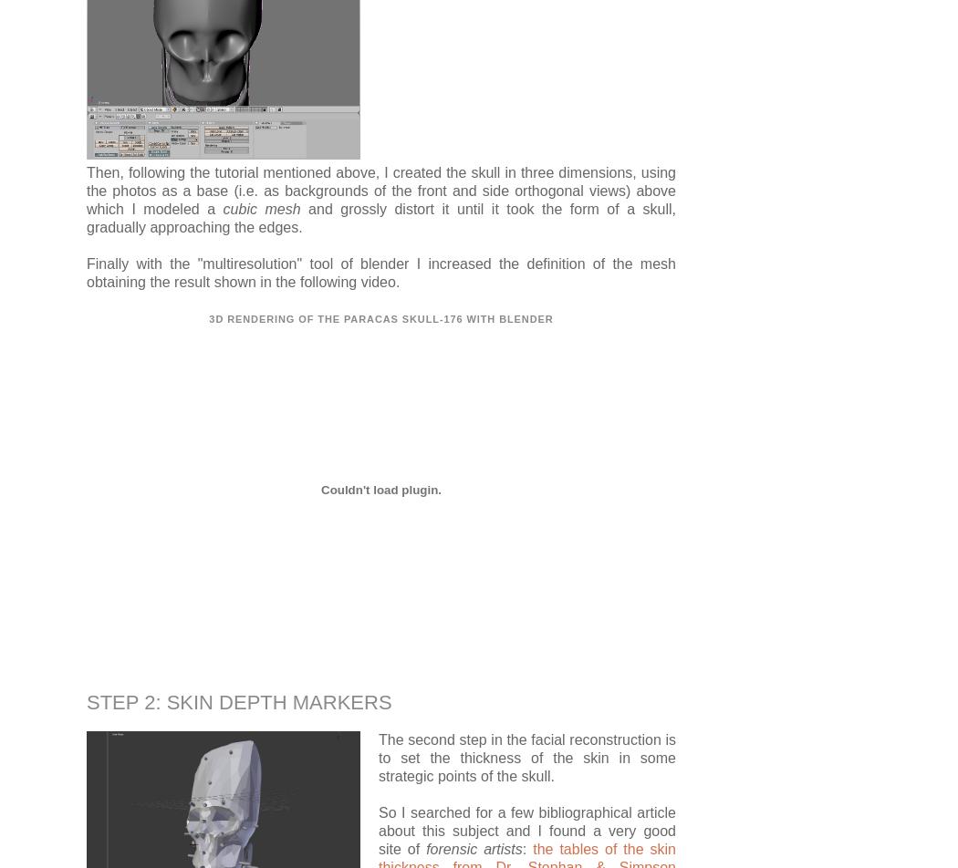 This screenshot has height=868, width=958. What do you see at coordinates (260, 208) in the screenshot?
I see `'cubic mesh'` at bounding box center [260, 208].